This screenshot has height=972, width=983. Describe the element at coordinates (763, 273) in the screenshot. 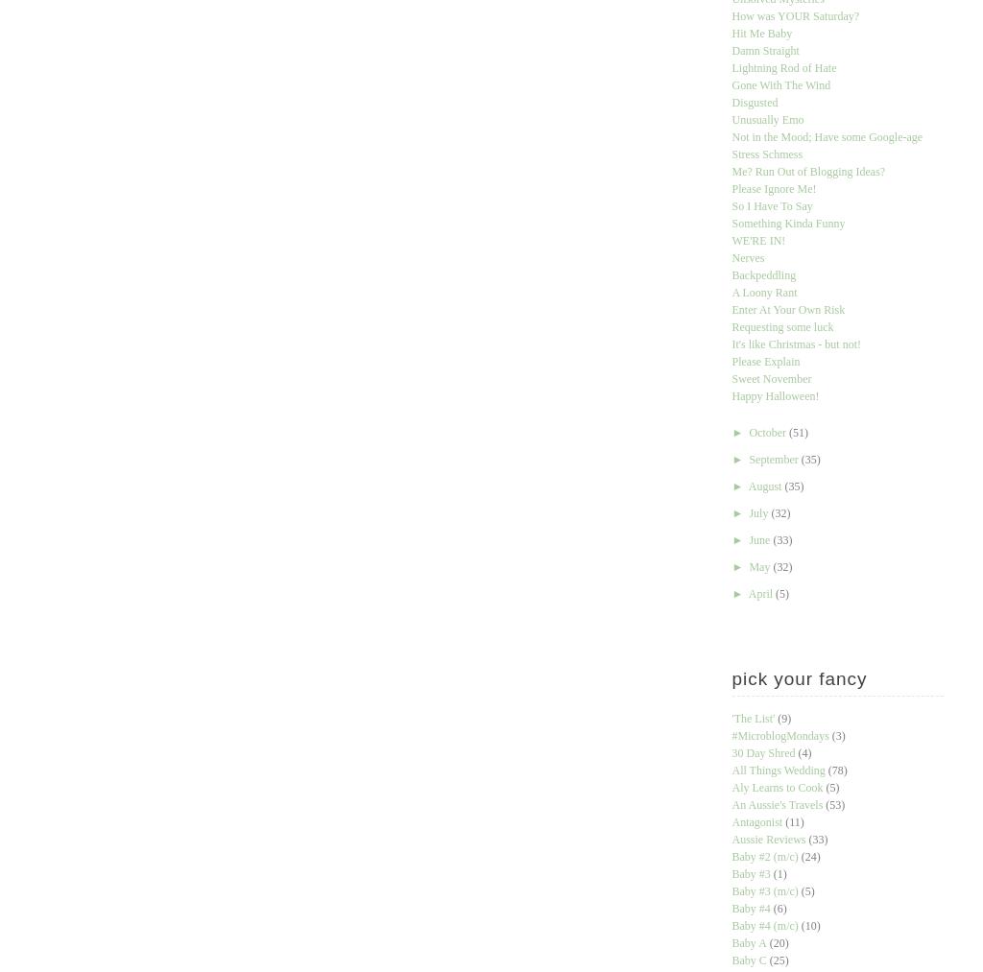

I see `'Backpeddling'` at that location.